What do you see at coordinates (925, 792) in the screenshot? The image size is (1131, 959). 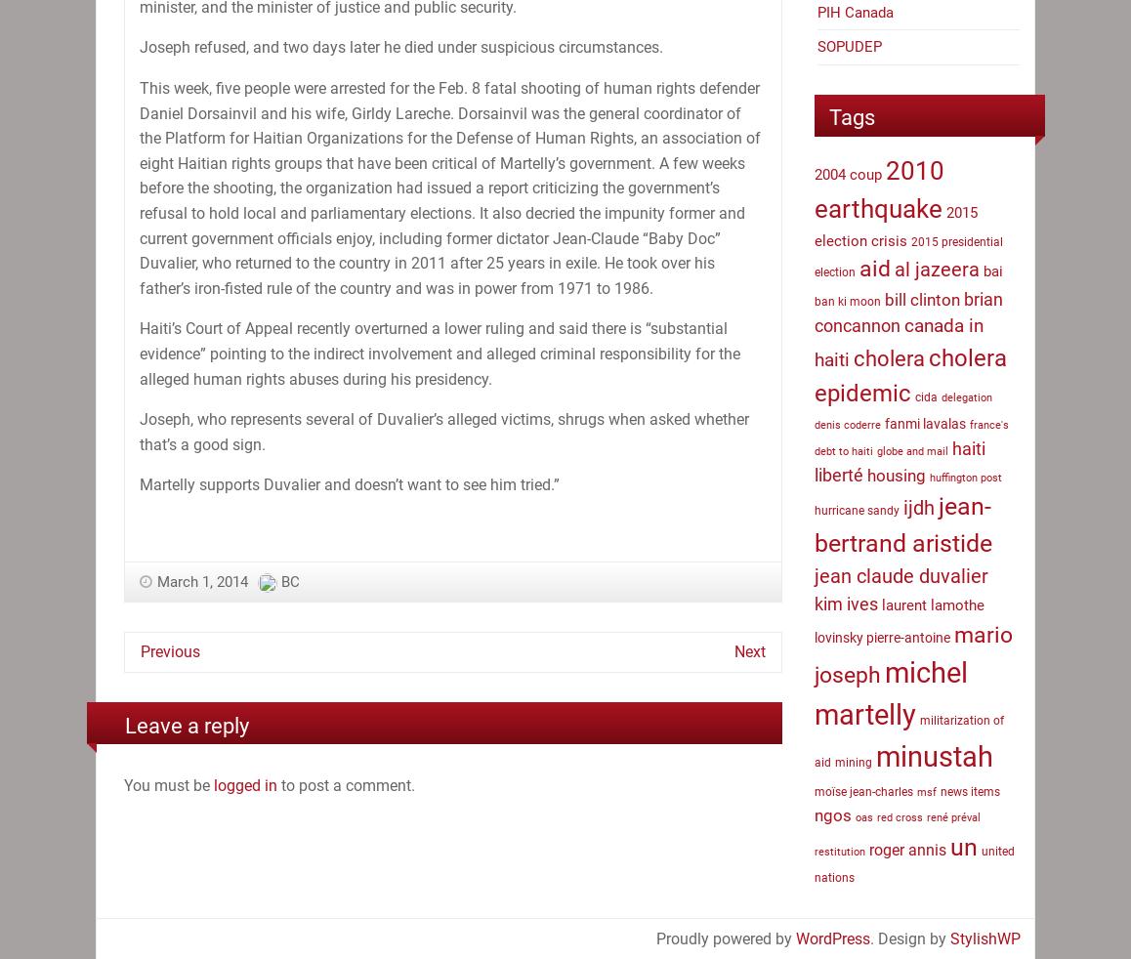 I see `'msf'` at bounding box center [925, 792].